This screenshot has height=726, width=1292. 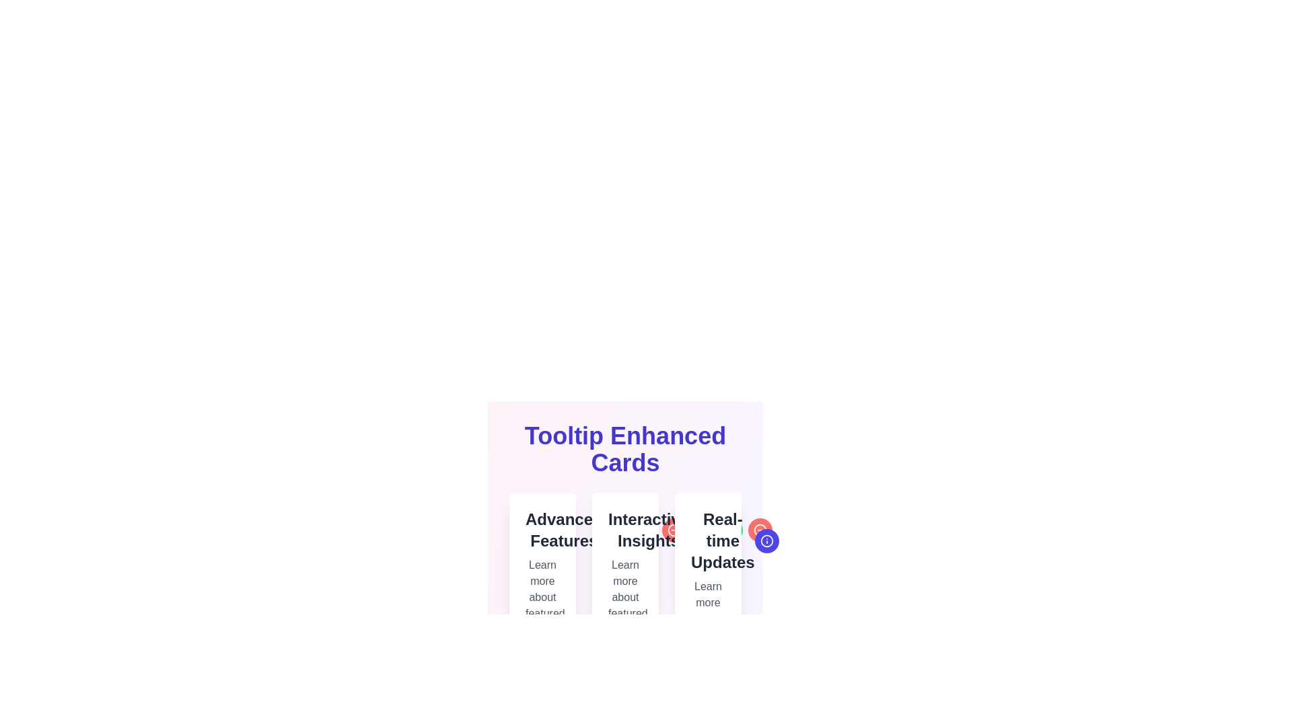 What do you see at coordinates (760, 530) in the screenshot?
I see `the Icon button with a minus sign symbol located in the bottom-right corner of the 'Real-time Updates' card` at bounding box center [760, 530].